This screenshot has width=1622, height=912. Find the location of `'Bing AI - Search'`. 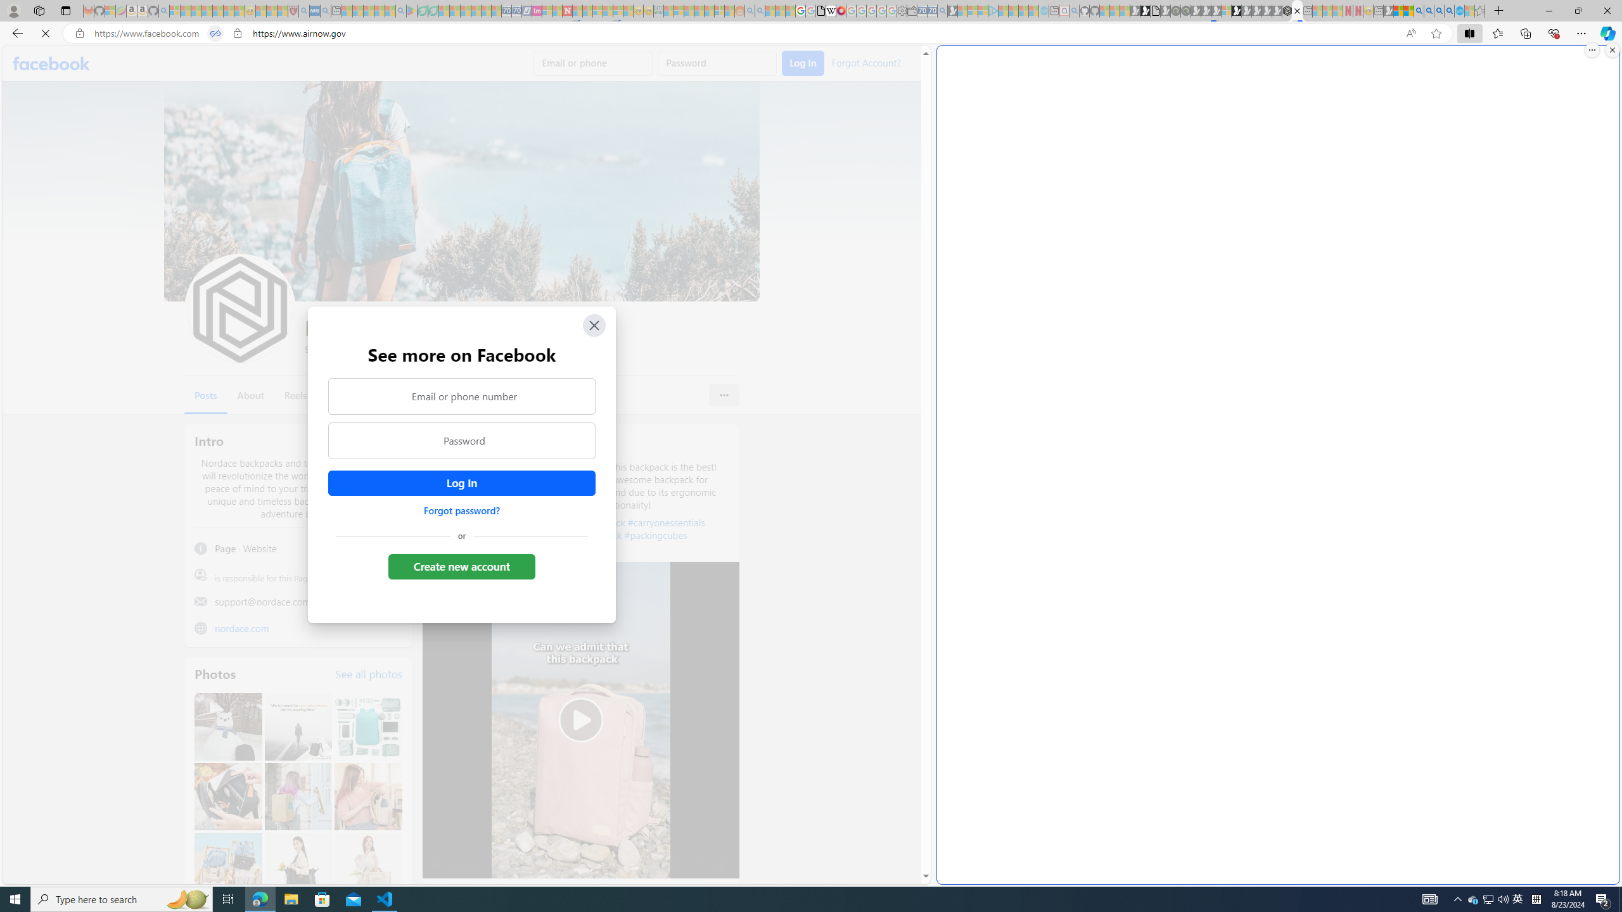

'Bing AI - Search' is located at coordinates (1417, 10).